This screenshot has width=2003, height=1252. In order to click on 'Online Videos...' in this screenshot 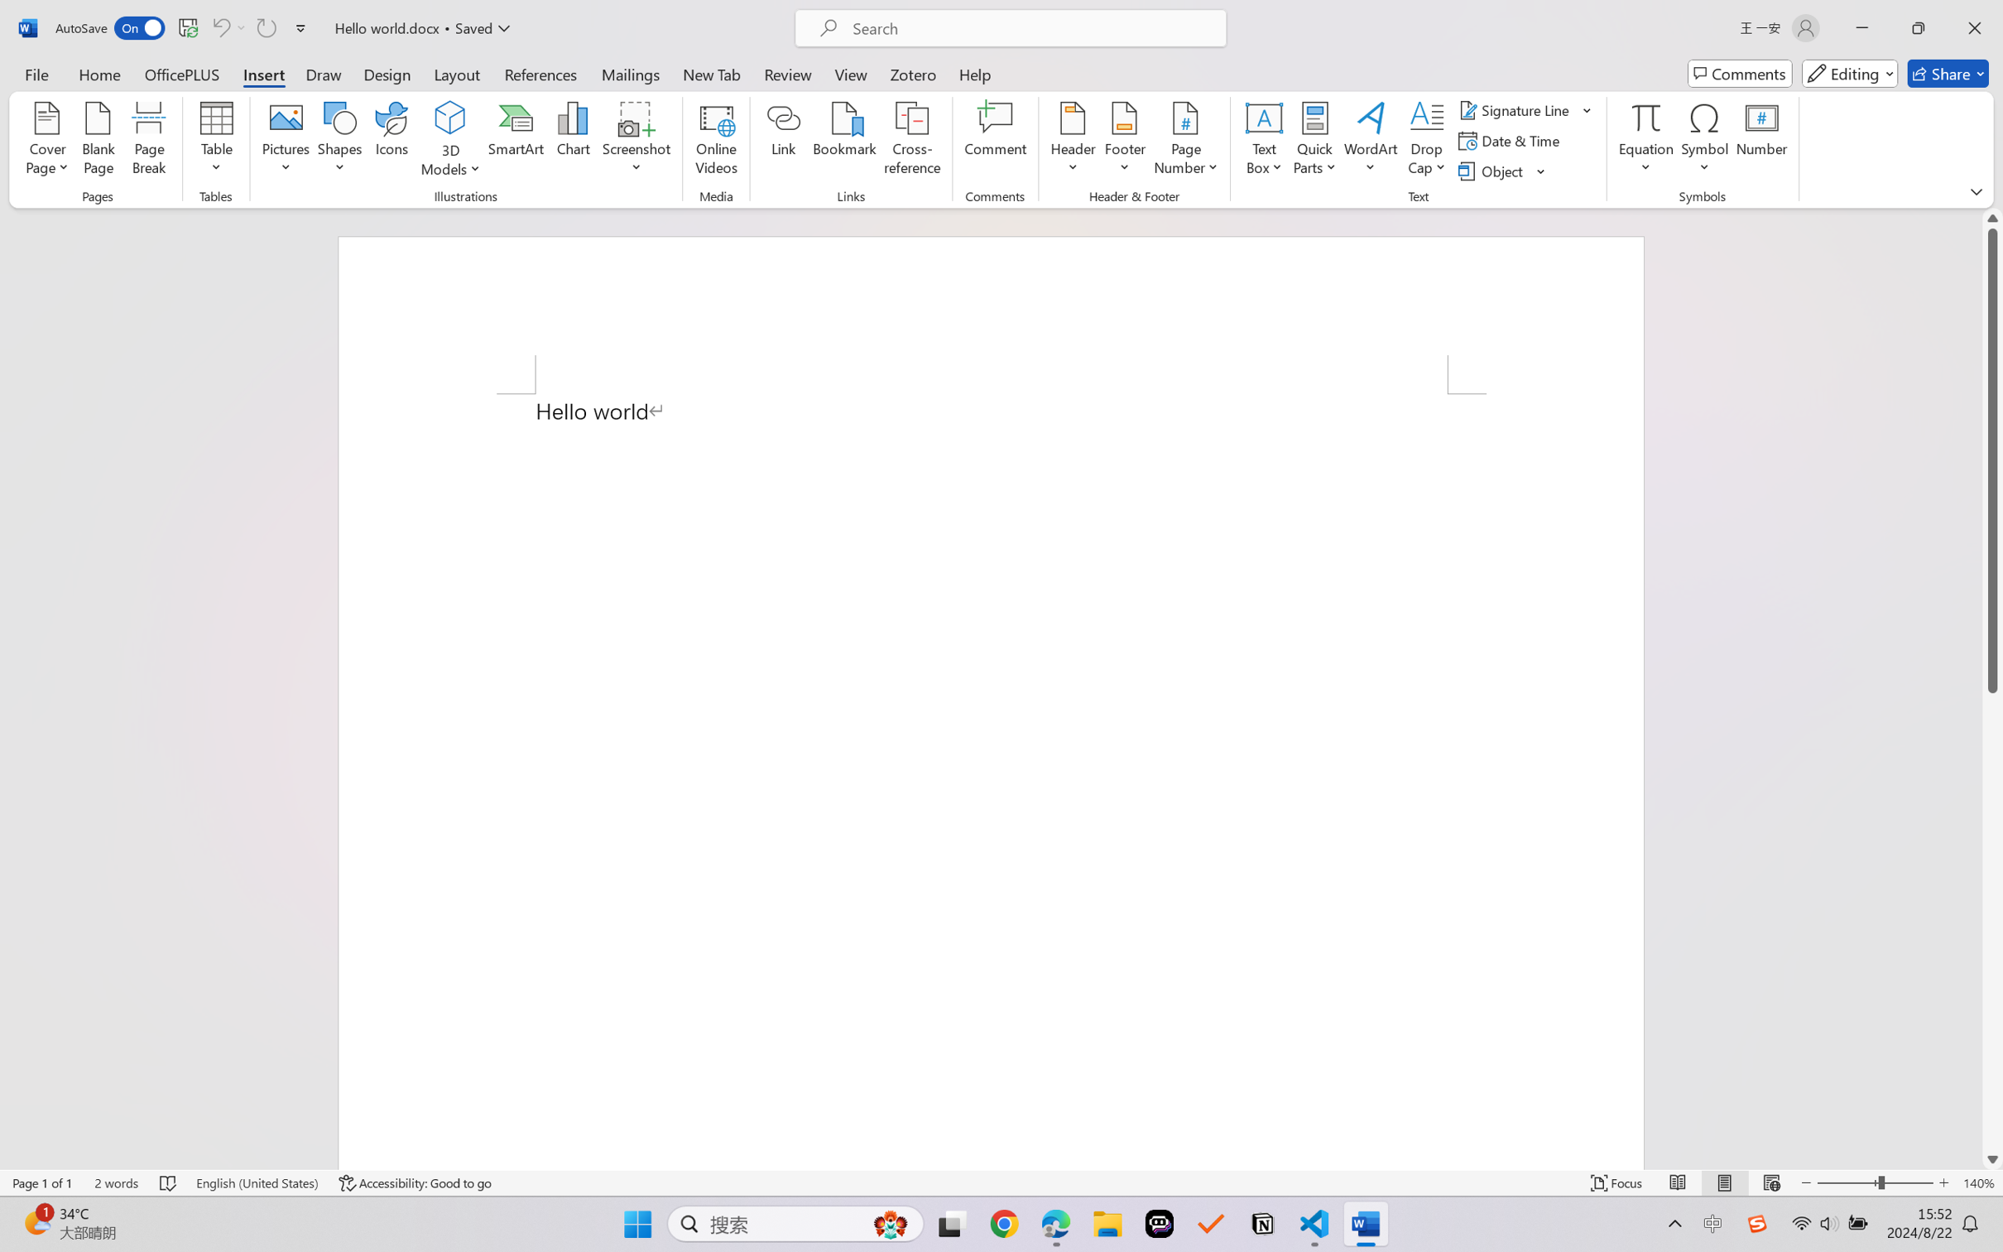, I will do `click(717, 141)`.